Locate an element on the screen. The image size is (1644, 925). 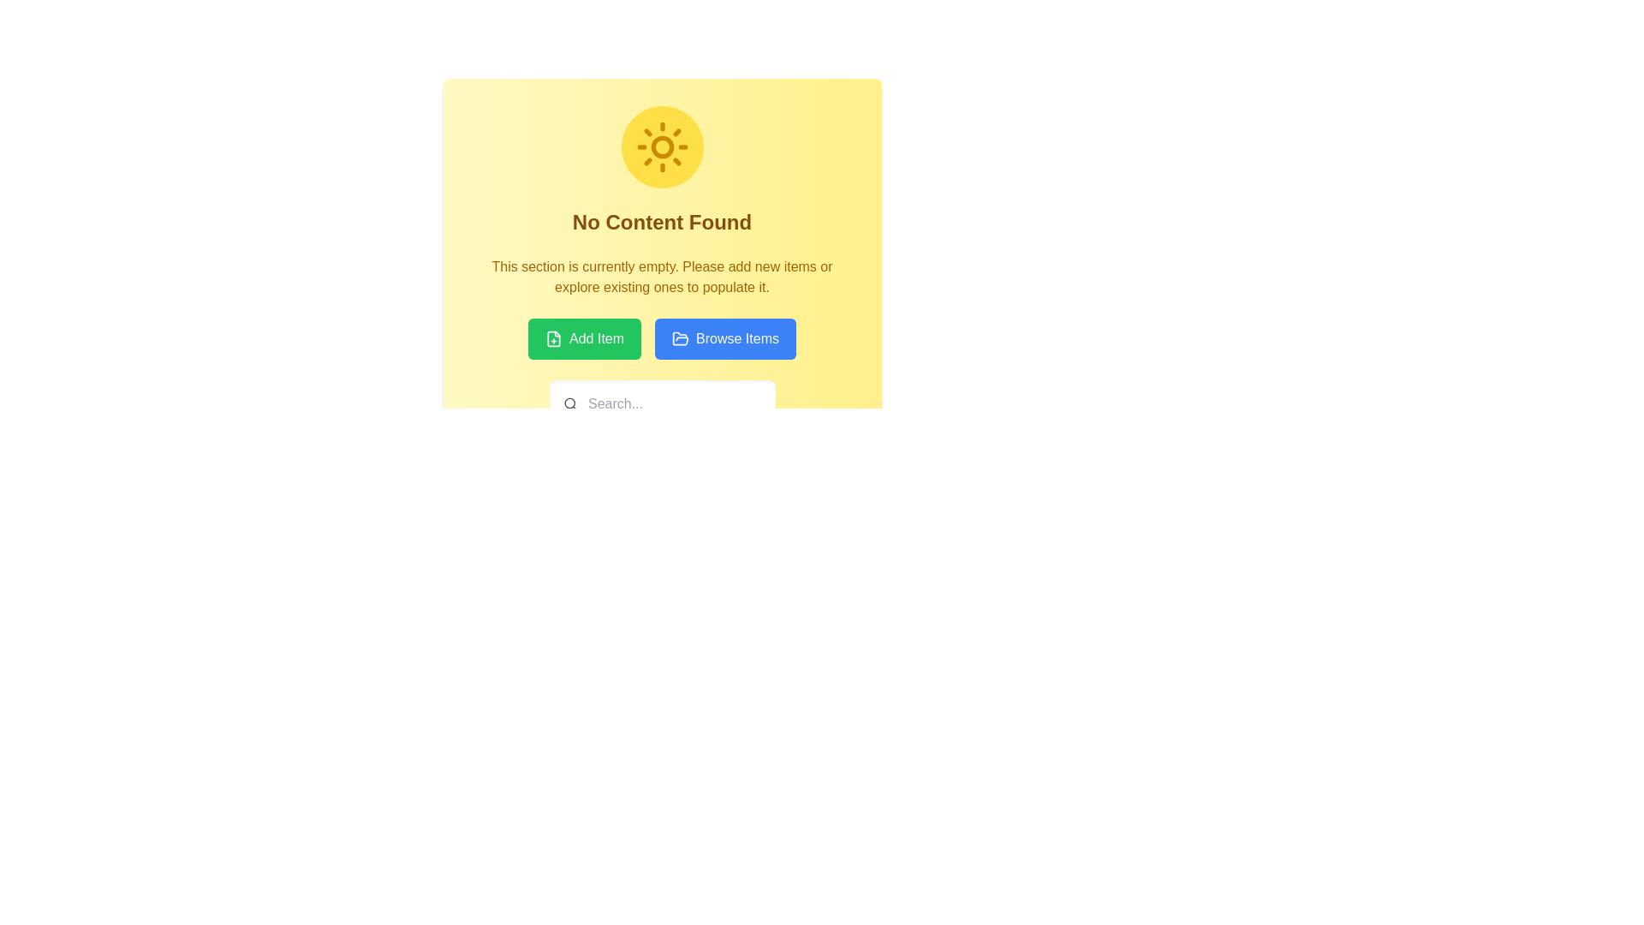
the circular center of the sun-shaped icon located near the top-center of the interface, which is above the 'No Content Found' message is located at coordinates (661, 146).